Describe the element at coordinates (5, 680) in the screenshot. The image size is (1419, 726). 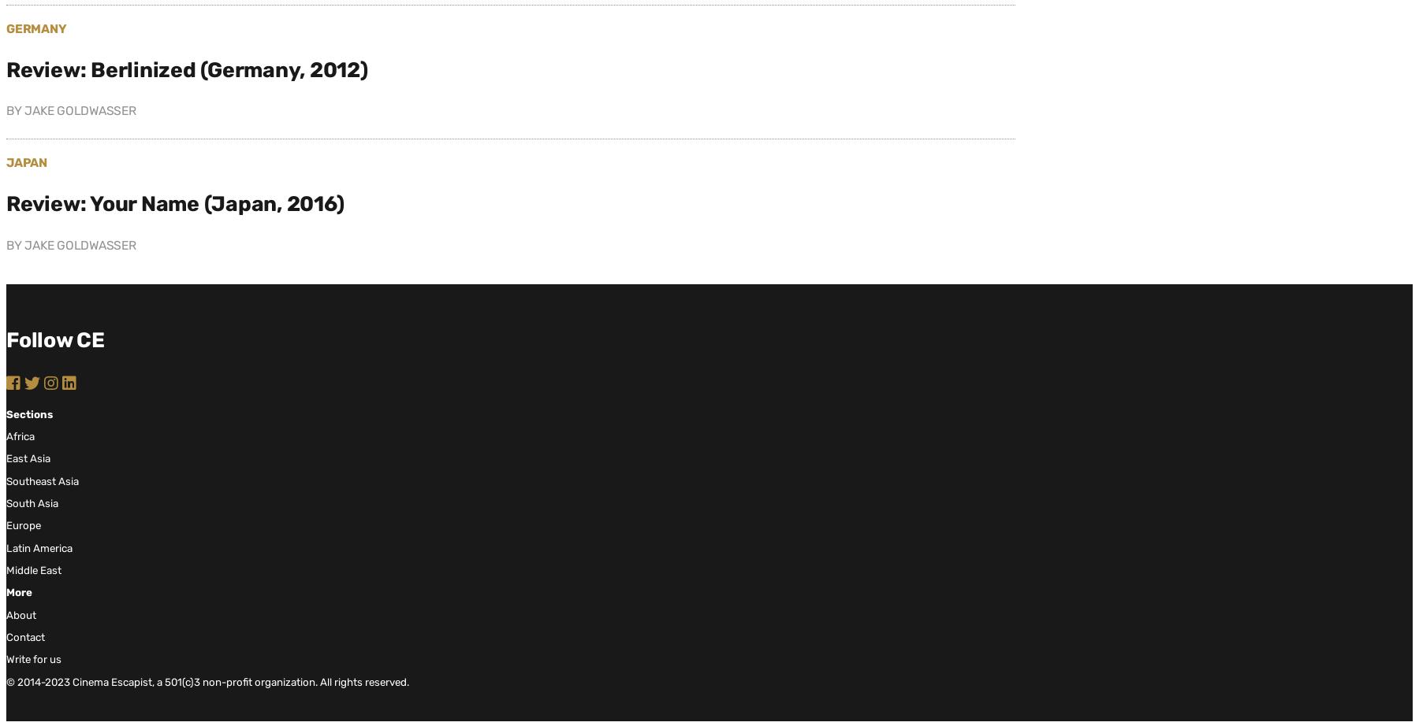
I see `'© 2014-2023 Cinema Escapist, a 501(c)3 non-profit organization. All rights reserved.'` at that location.